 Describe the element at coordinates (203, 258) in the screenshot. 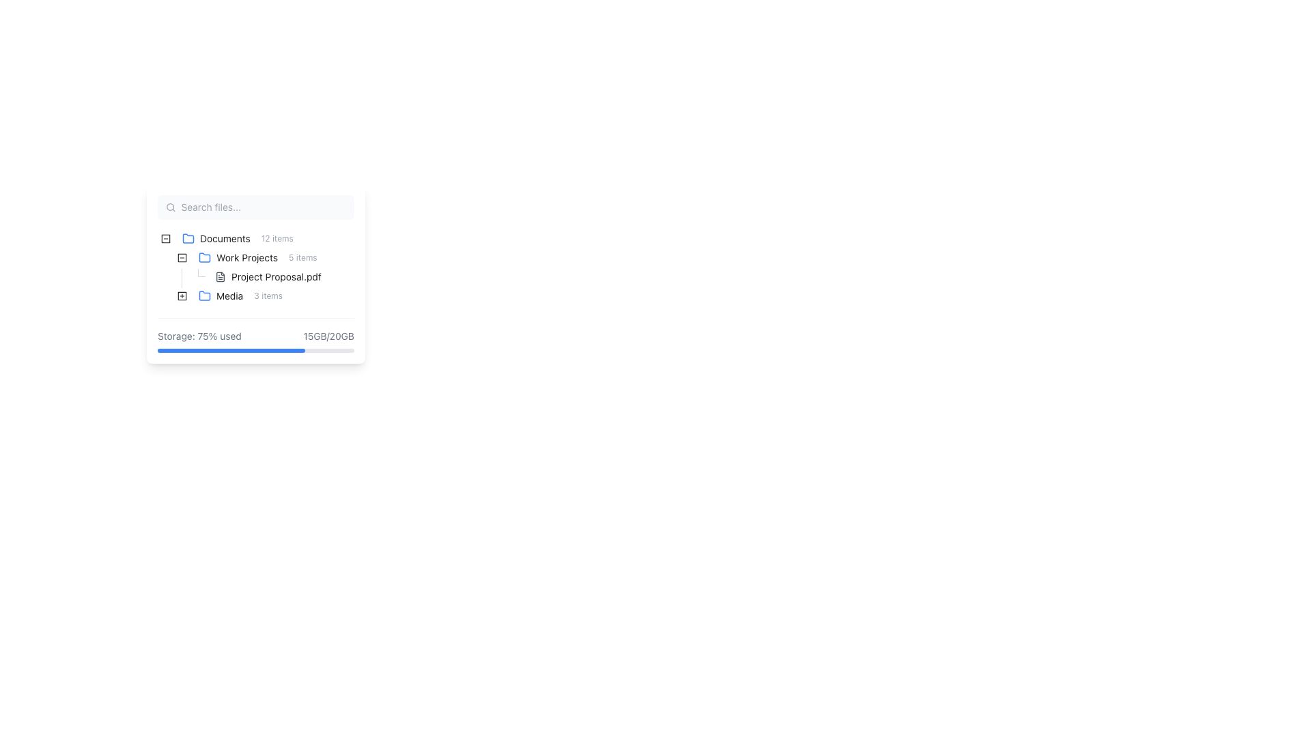

I see `the blue folder icon located before the text 'Work Projects' in the file explorer hierarchy` at that location.